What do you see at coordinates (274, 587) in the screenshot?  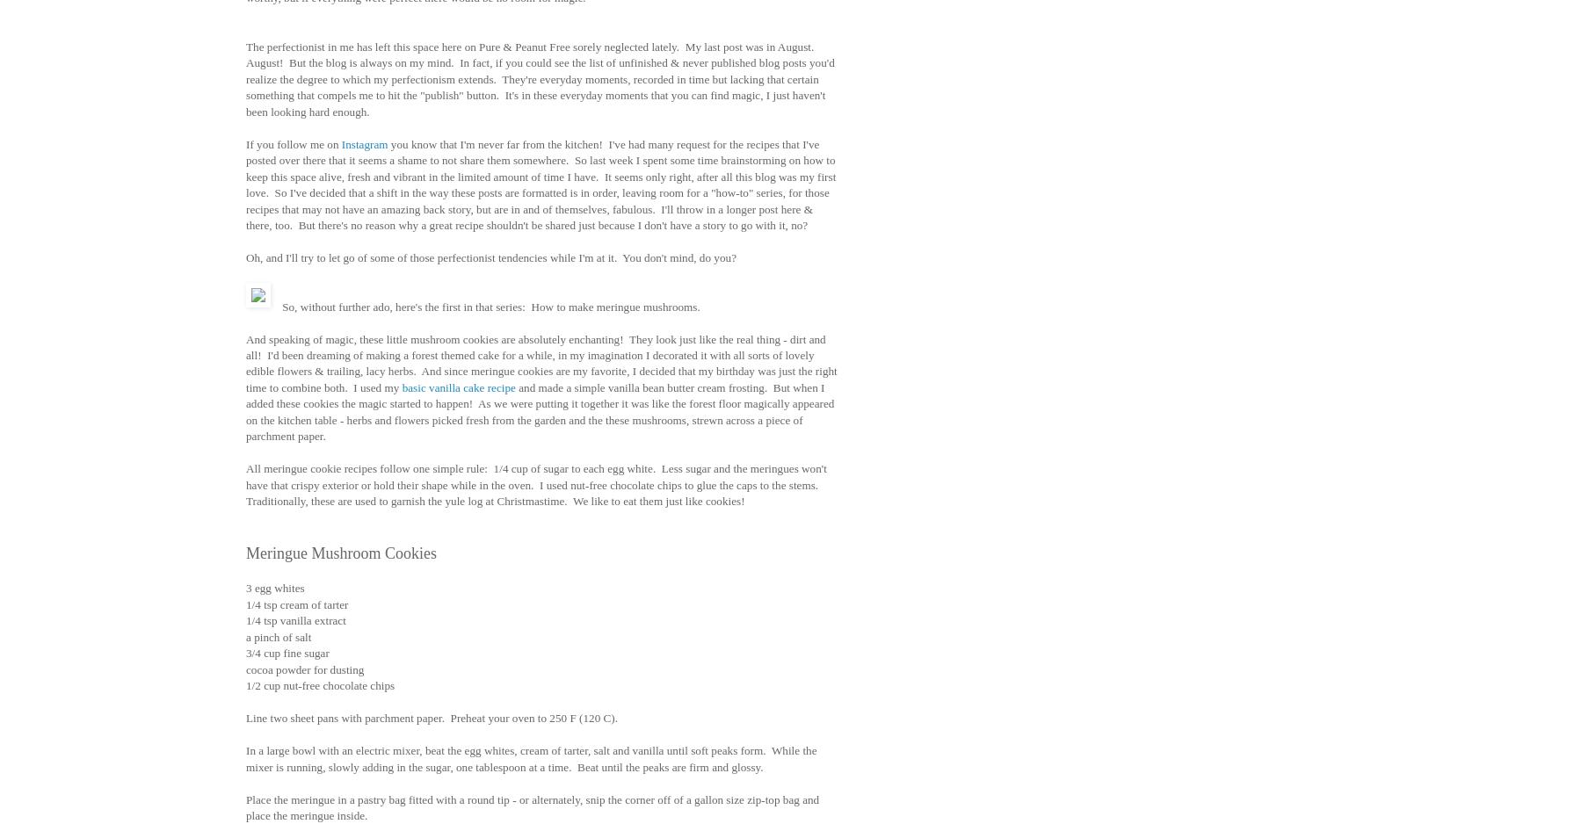 I see `'3 egg whites'` at bounding box center [274, 587].